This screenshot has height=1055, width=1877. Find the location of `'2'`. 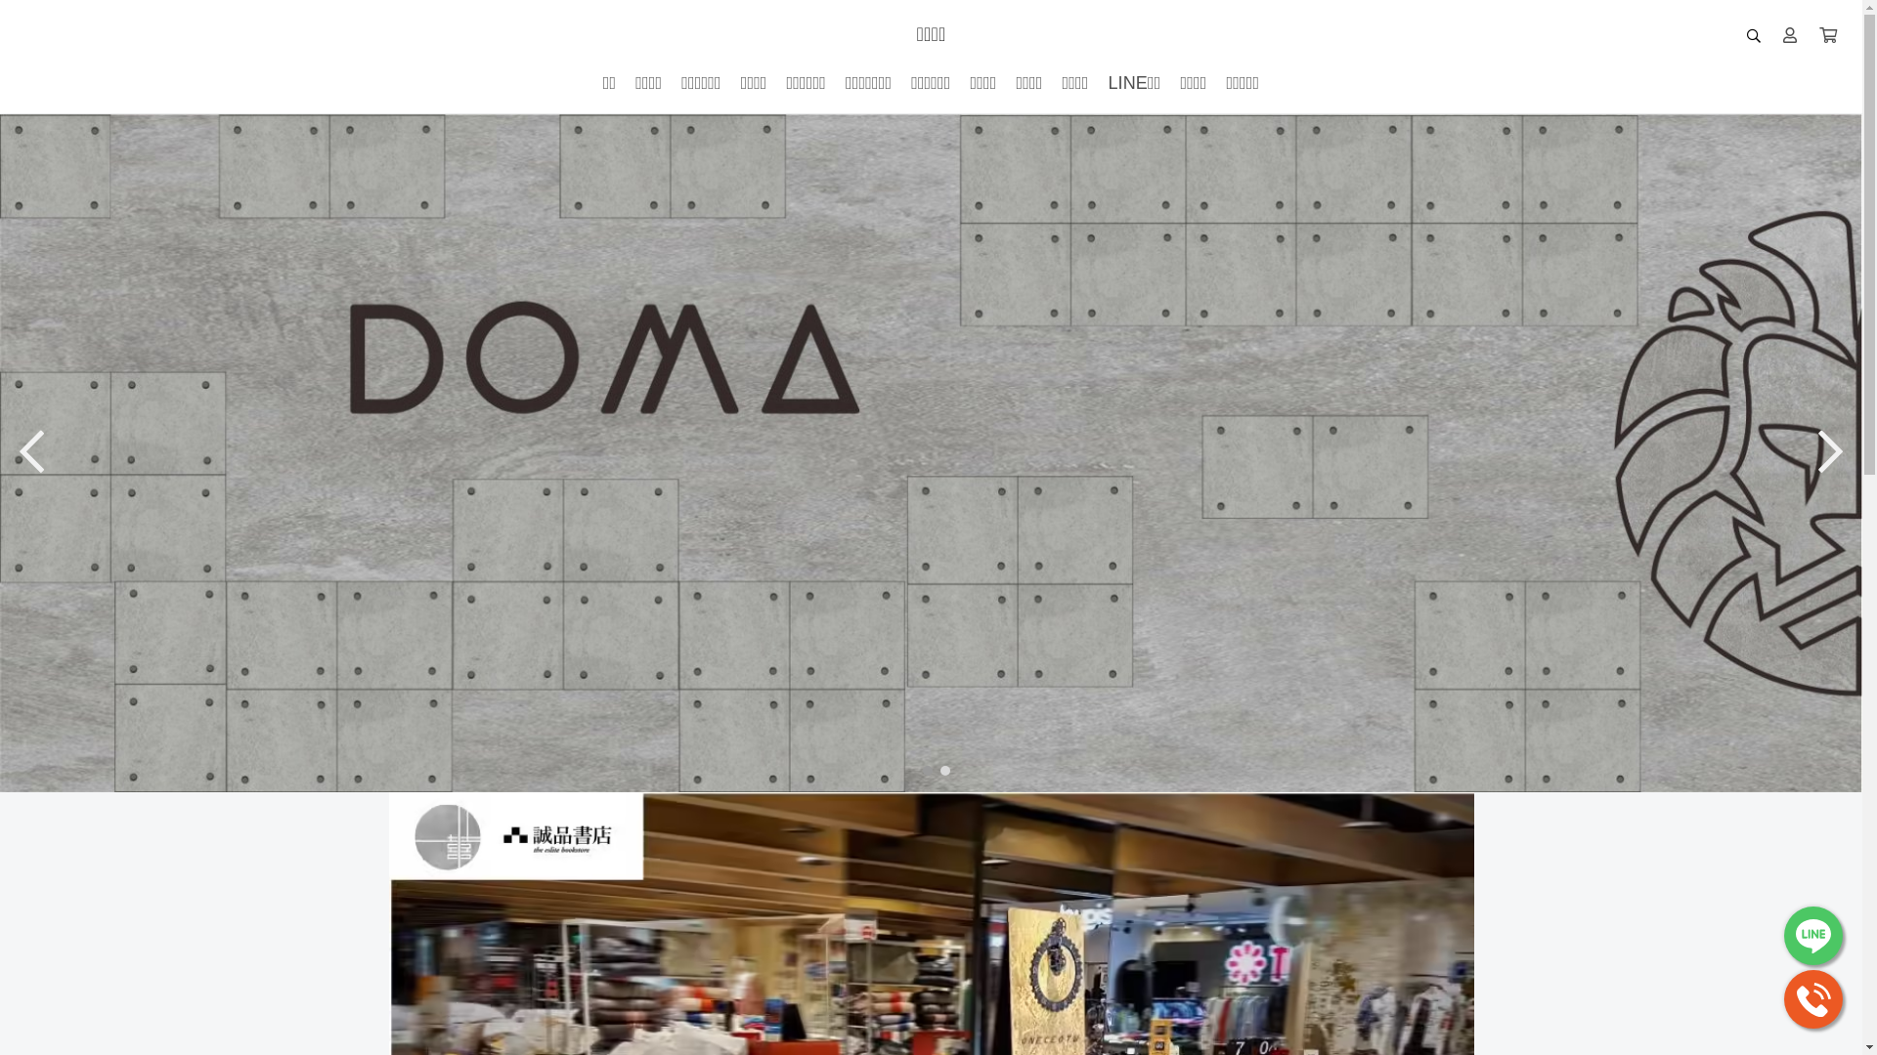

'2' is located at coordinates (939, 768).